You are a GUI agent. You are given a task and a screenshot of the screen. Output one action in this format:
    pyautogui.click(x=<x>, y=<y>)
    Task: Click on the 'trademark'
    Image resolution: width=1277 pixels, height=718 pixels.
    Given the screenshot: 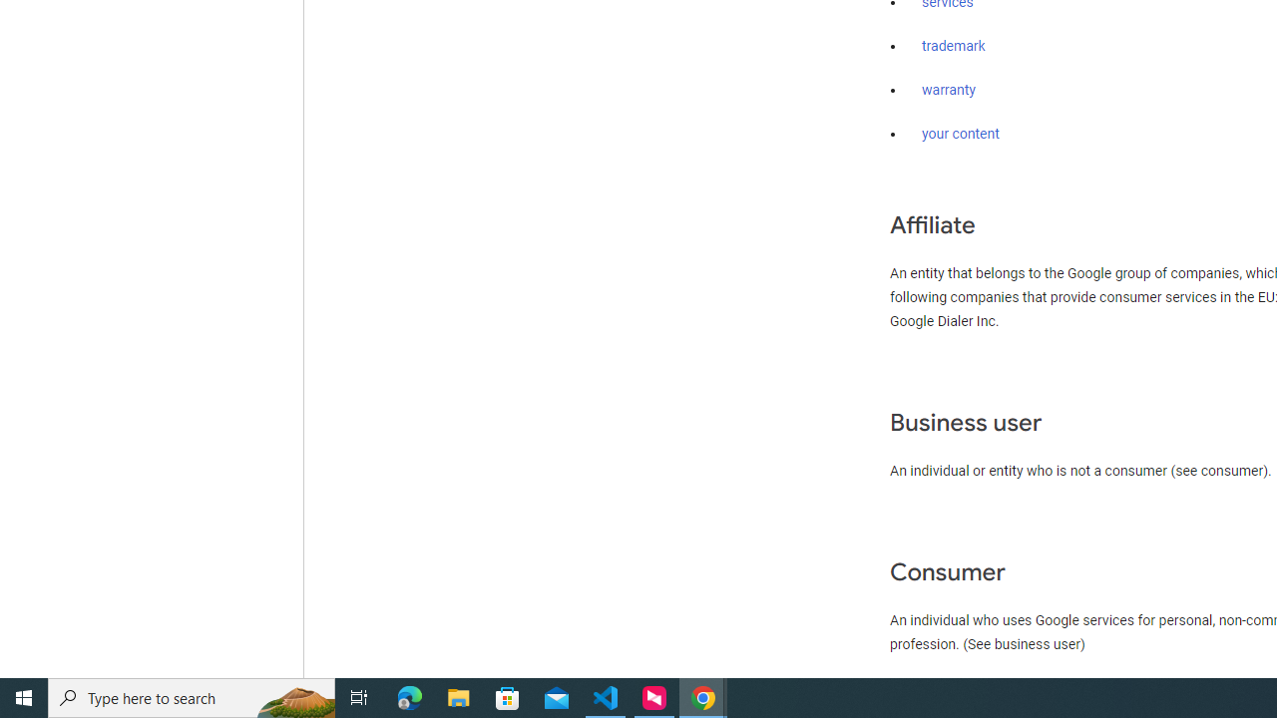 What is the action you would take?
    pyautogui.click(x=953, y=46)
    